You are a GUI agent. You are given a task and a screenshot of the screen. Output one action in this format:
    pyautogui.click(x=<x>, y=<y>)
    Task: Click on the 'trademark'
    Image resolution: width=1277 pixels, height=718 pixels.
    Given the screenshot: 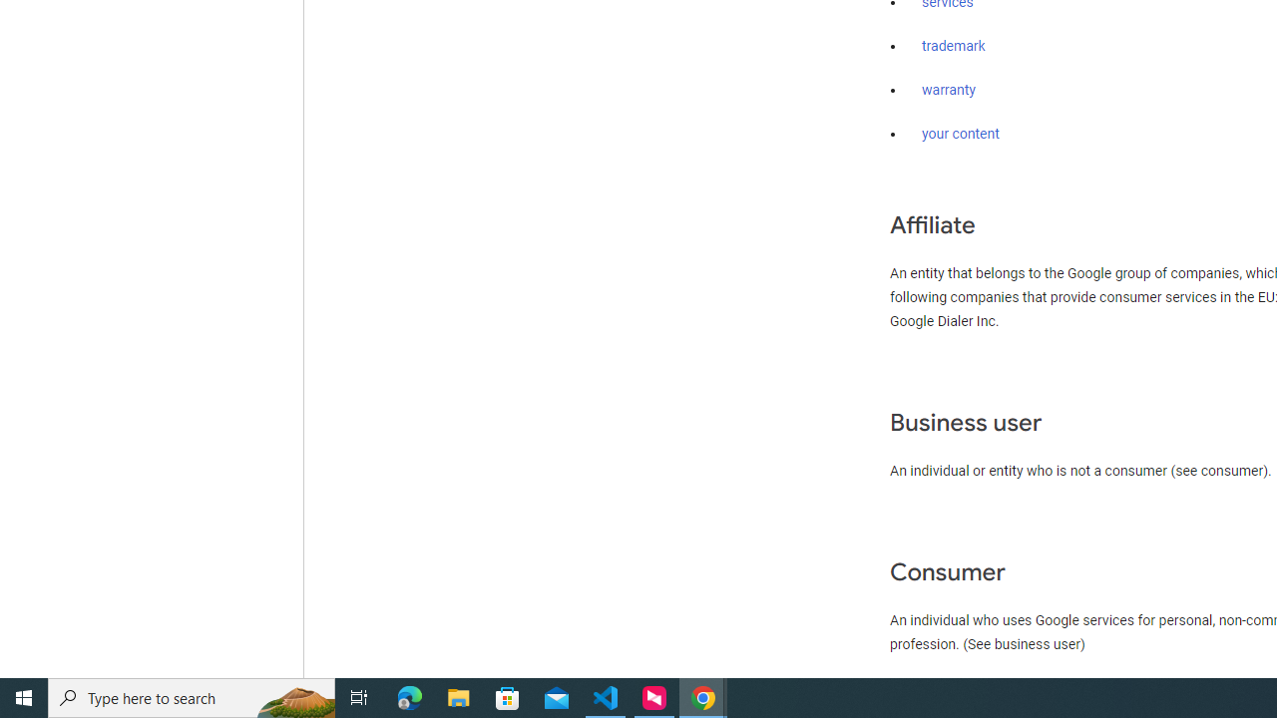 What is the action you would take?
    pyautogui.click(x=953, y=46)
    